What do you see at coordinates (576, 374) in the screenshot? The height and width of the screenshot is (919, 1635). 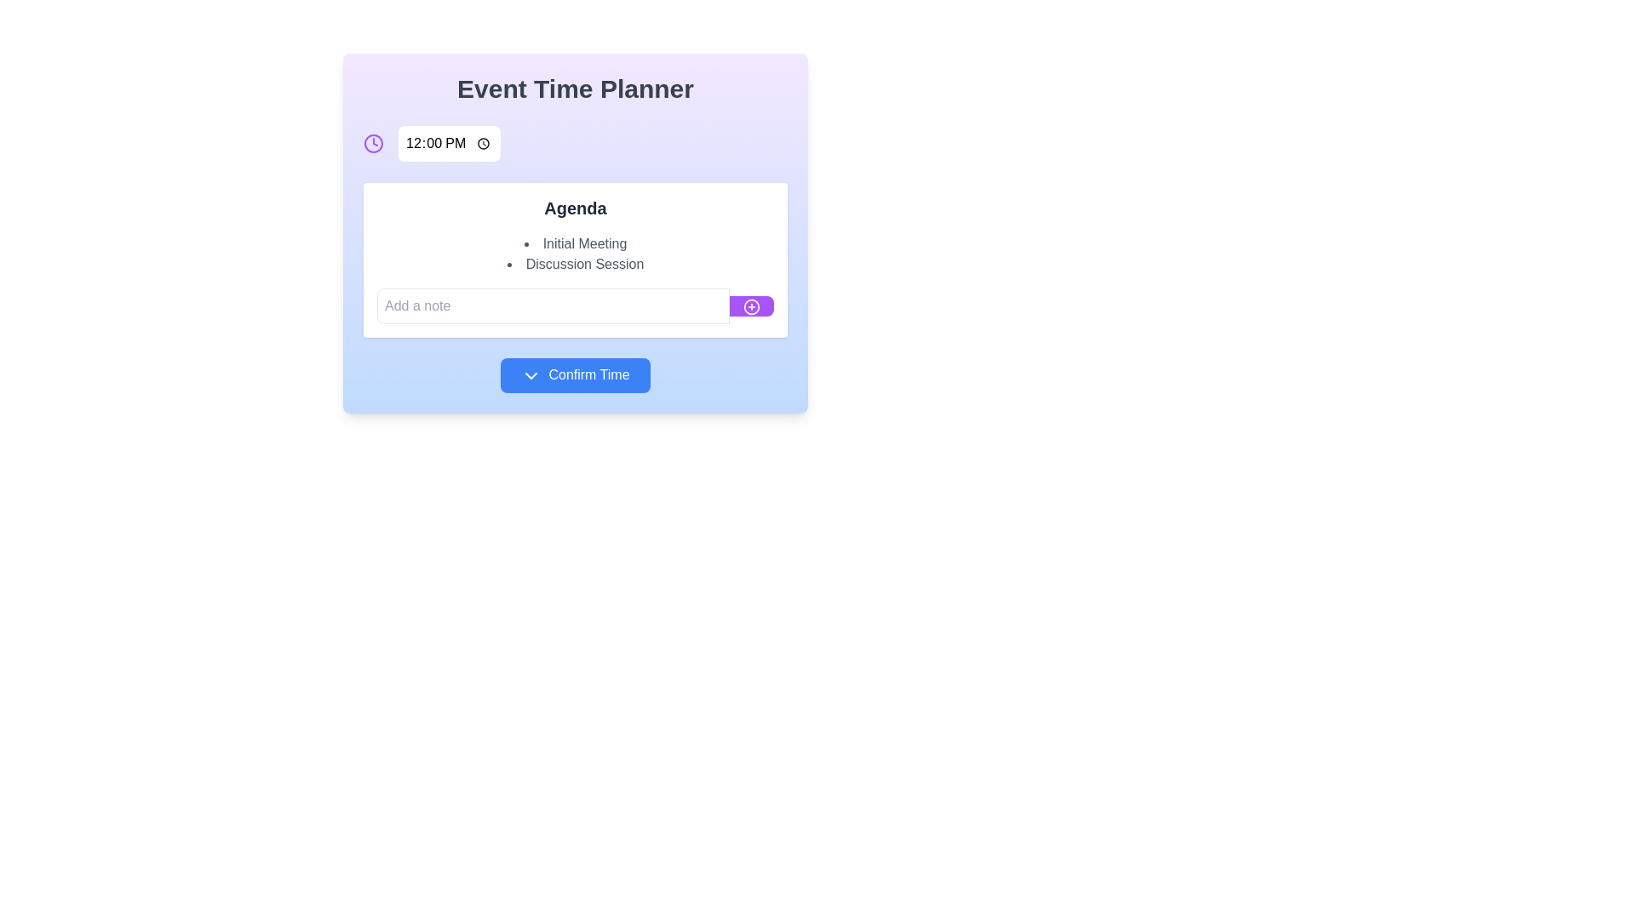 I see `the confirm button located at the bottom center of the 'Event Time Planner' card to experience the hover effect` at bounding box center [576, 374].